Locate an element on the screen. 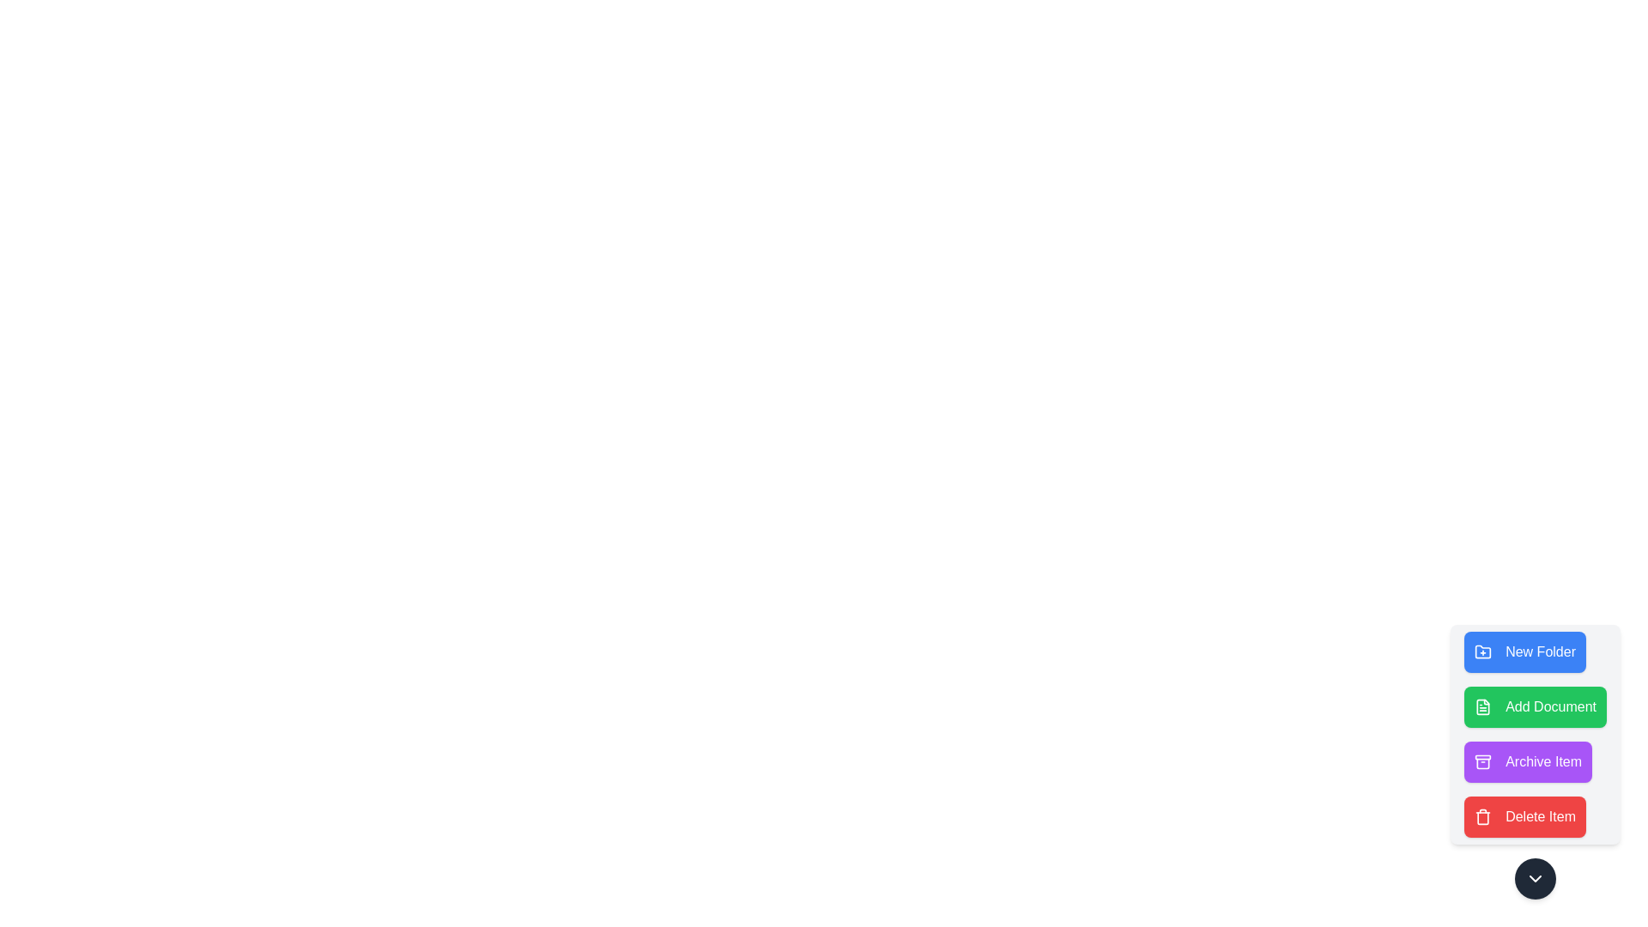 Image resolution: width=1648 pixels, height=927 pixels. the Delete Item button in the speed dial menu is located at coordinates (1524, 816).